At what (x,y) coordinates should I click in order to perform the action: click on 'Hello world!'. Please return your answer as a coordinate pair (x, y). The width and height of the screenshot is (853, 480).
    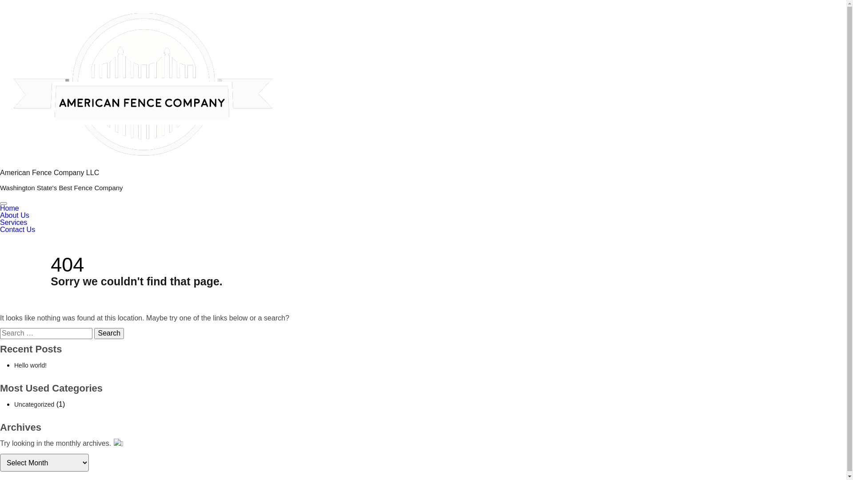
    Looking at the image, I should click on (30, 365).